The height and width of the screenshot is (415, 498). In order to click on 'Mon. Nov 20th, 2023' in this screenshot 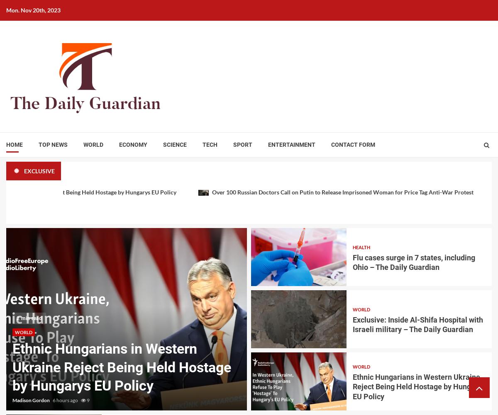, I will do `click(33, 10)`.